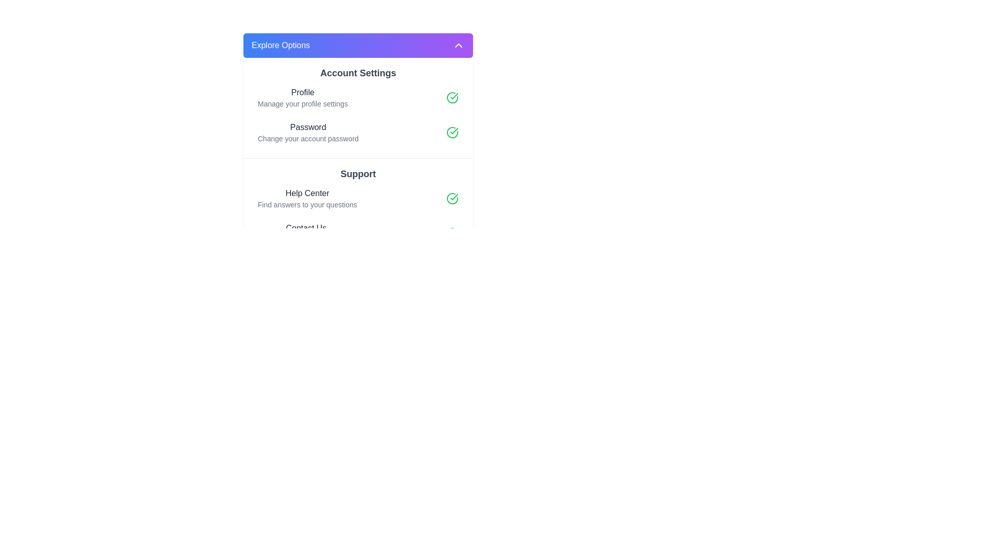 The width and height of the screenshot is (984, 553). I want to click on the checkmark icon within a circle that signifies a completed or verified action, located to the right of the 'Help Center' section in the 'Support' category, so click(452, 199).